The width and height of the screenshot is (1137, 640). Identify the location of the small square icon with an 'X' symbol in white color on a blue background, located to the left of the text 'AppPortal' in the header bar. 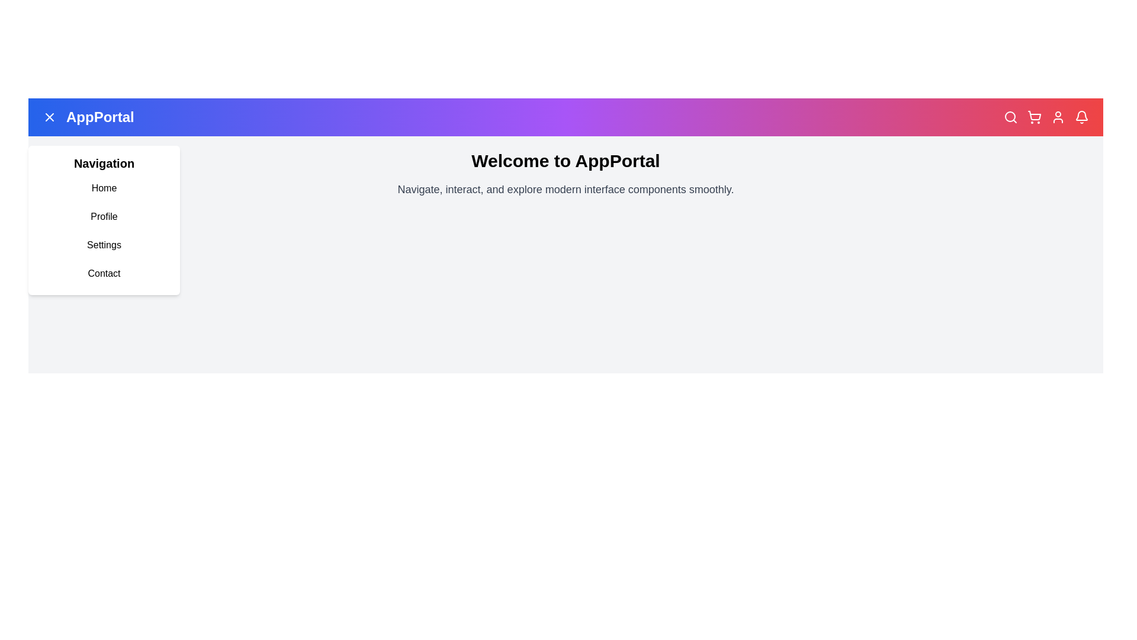
(49, 117).